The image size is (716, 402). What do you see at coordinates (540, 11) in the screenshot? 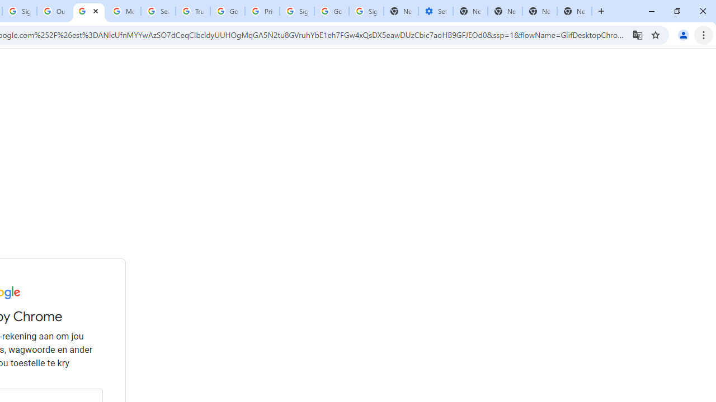
I see `'New Tab'` at bounding box center [540, 11].